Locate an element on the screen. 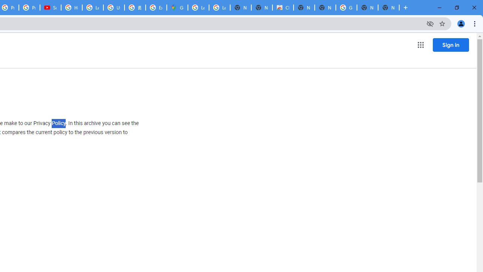  'New Tab' is located at coordinates (389, 8).